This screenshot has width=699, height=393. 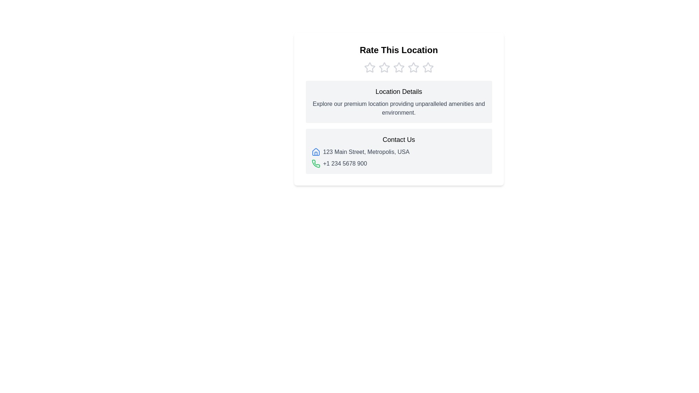 What do you see at coordinates (384, 67) in the screenshot?
I see `the second unfilled star icon` at bounding box center [384, 67].